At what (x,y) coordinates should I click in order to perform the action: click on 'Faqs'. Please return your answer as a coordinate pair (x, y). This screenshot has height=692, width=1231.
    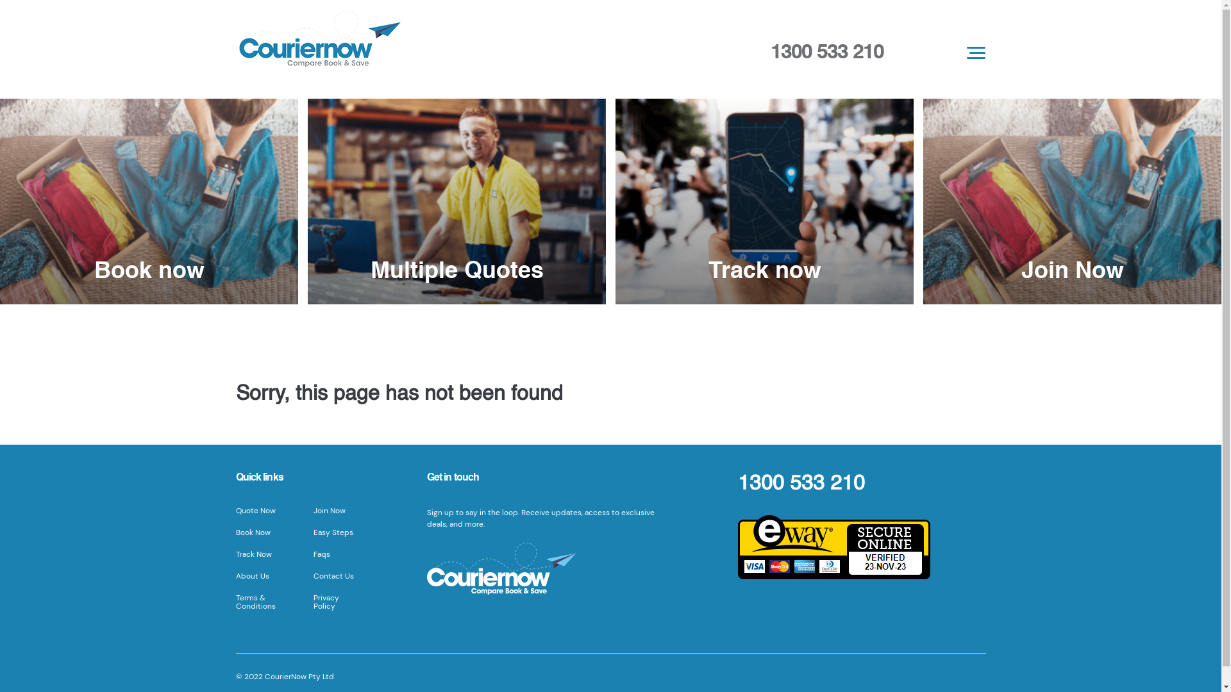
    Looking at the image, I should click on (322, 553).